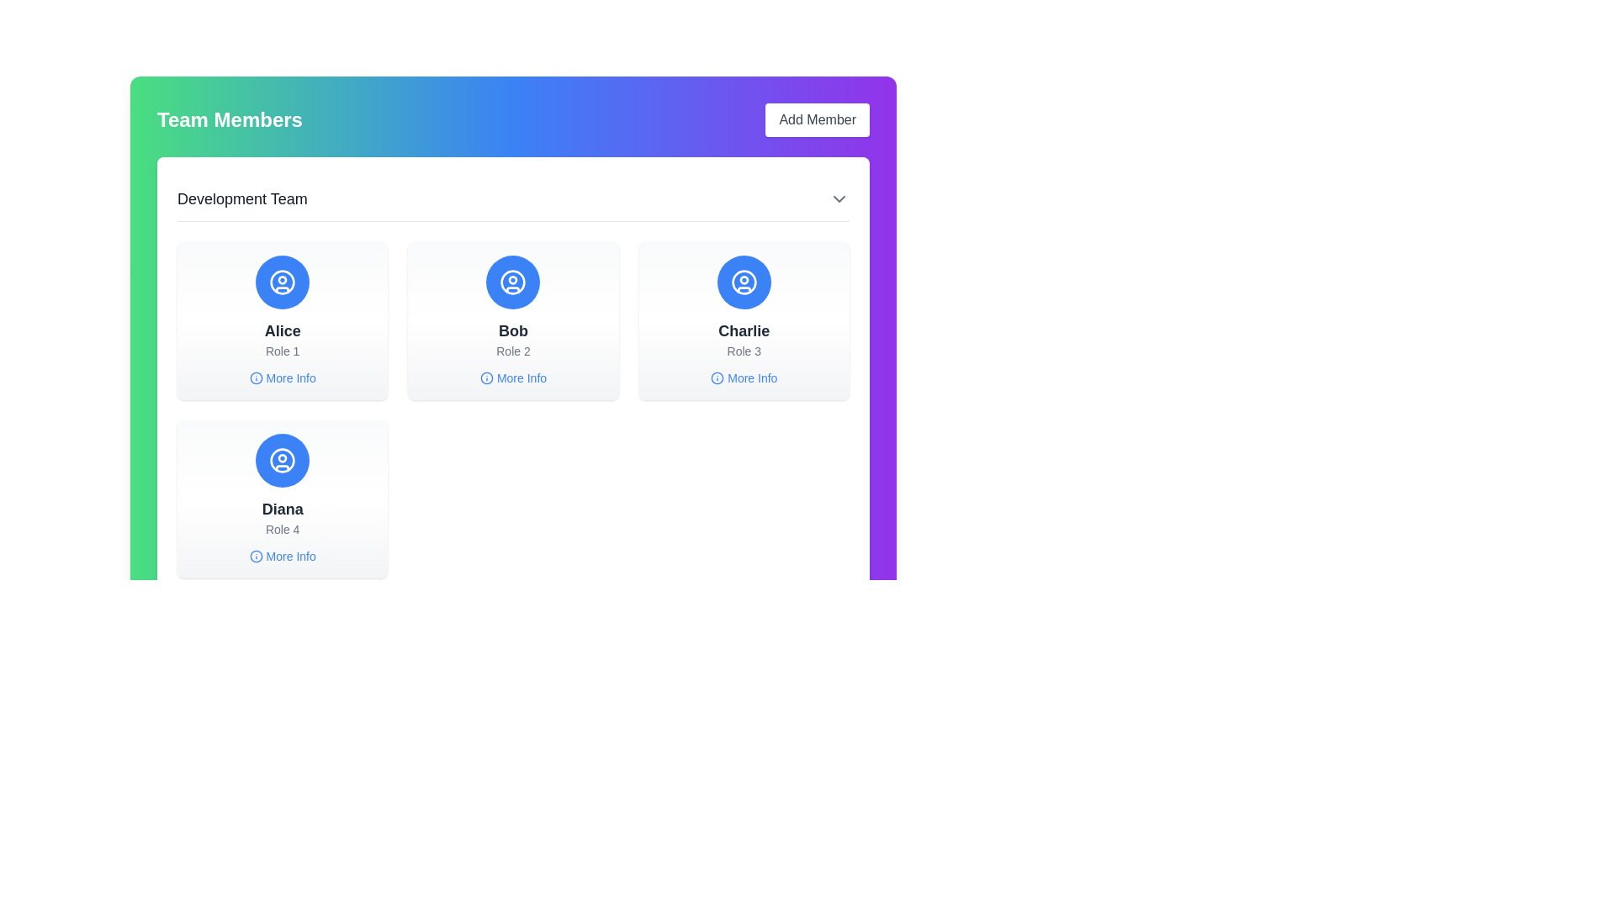  Describe the element at coordinates (743, 330) in the screenshot. I see `the Text label identifying 'Charlie', which is centrally located in the 'Development Team' card, positioned above 'Role 3' and below a user icon` at that location.